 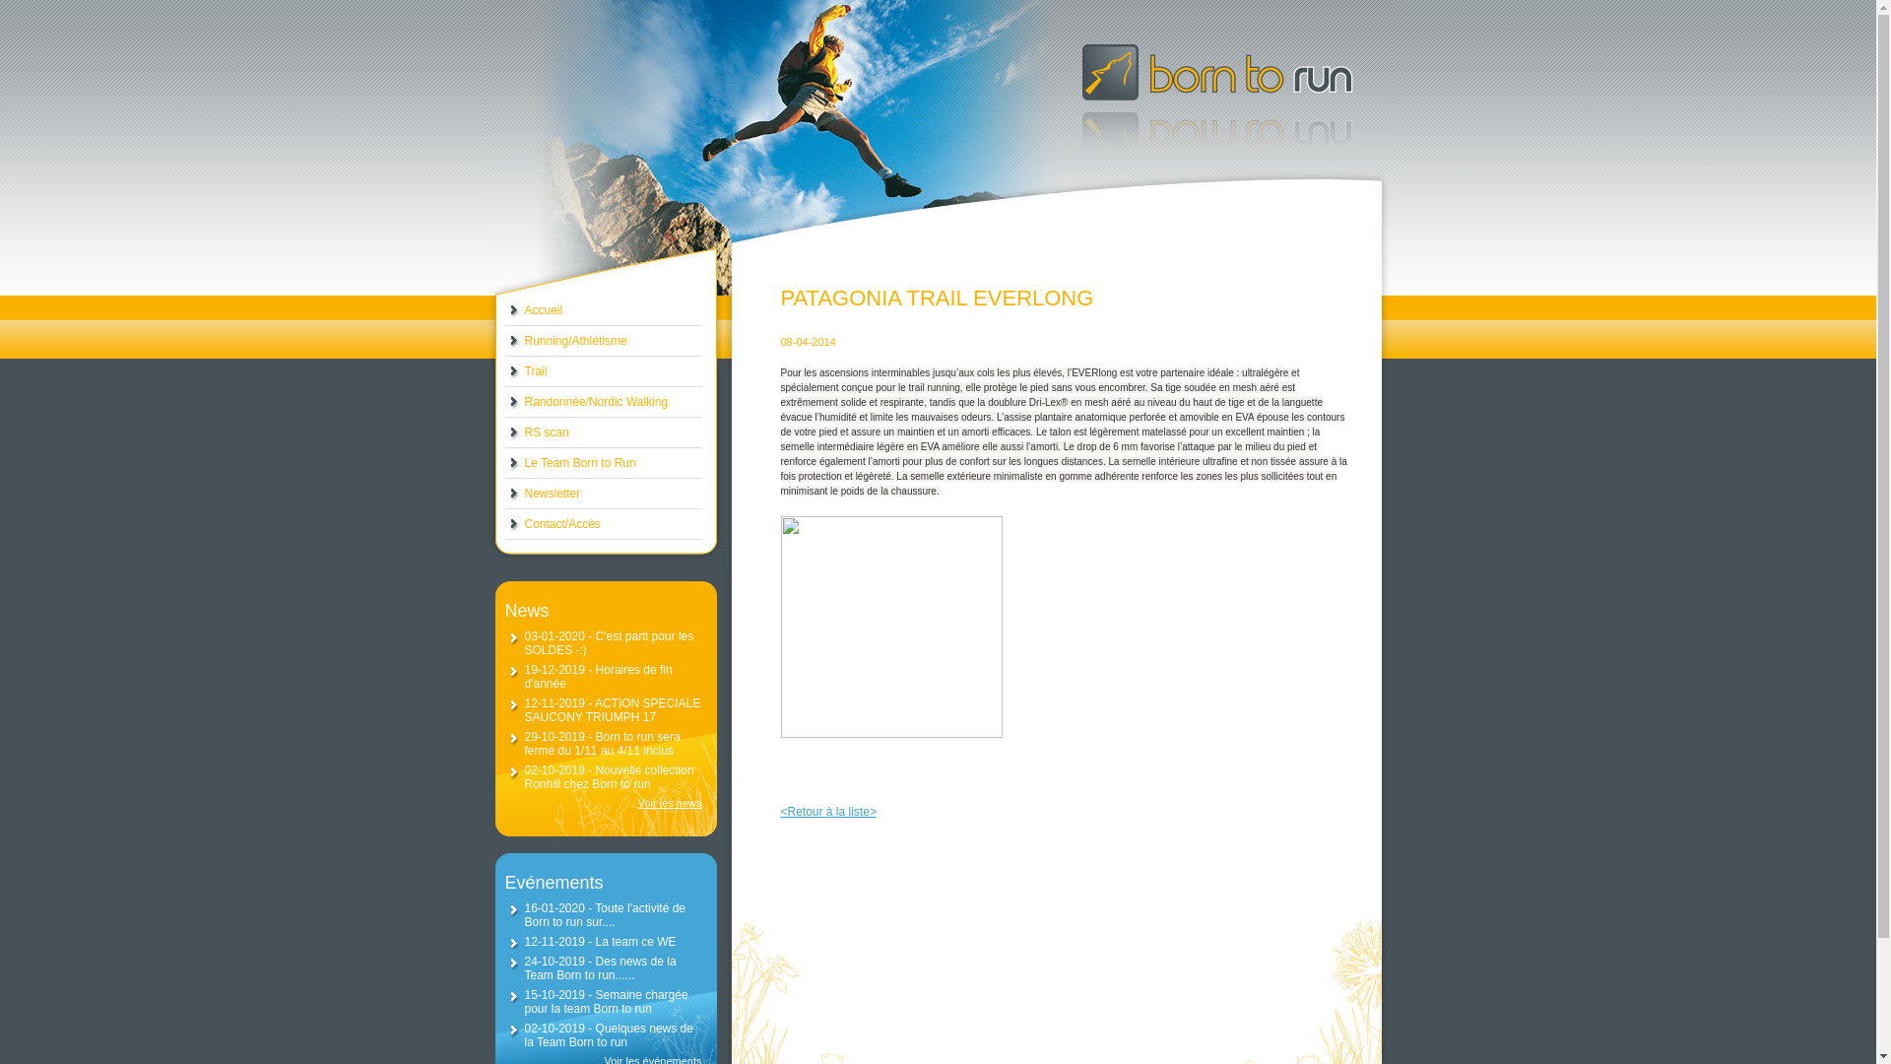 I want to click on 'Le Team Born to Run', so click(x=601, y=463).